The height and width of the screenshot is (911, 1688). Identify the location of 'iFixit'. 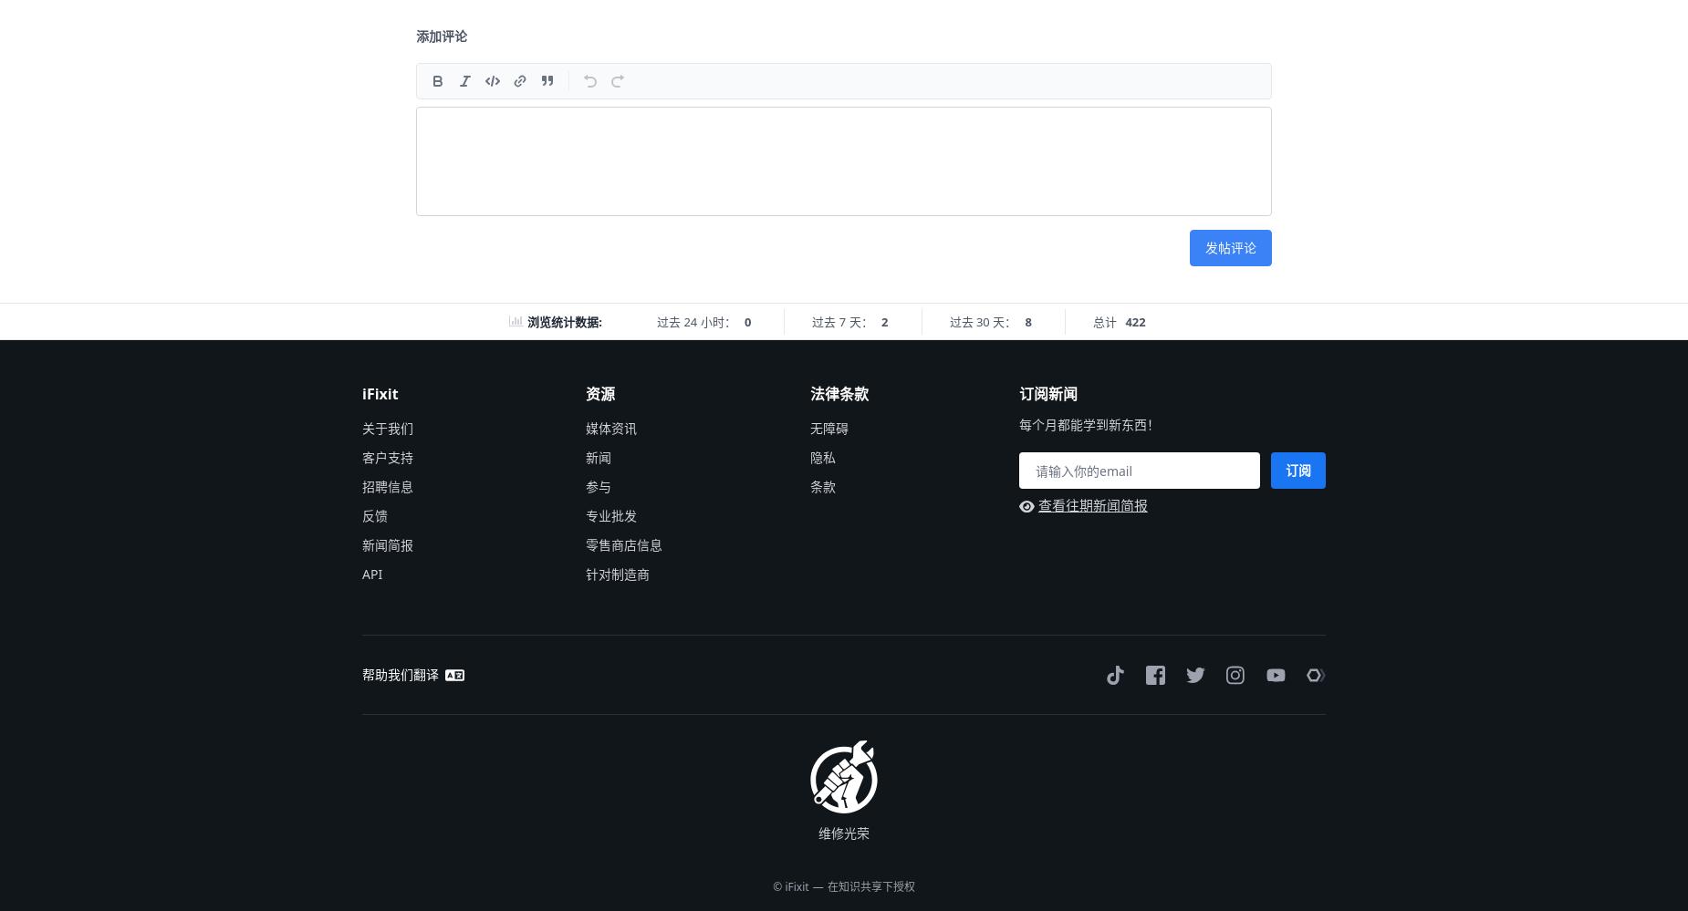
(379, 392).